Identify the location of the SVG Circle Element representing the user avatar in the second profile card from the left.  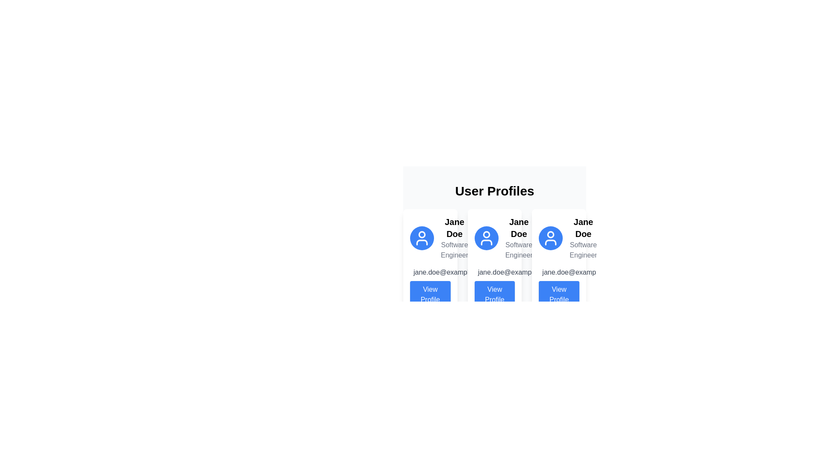
(486, 234).